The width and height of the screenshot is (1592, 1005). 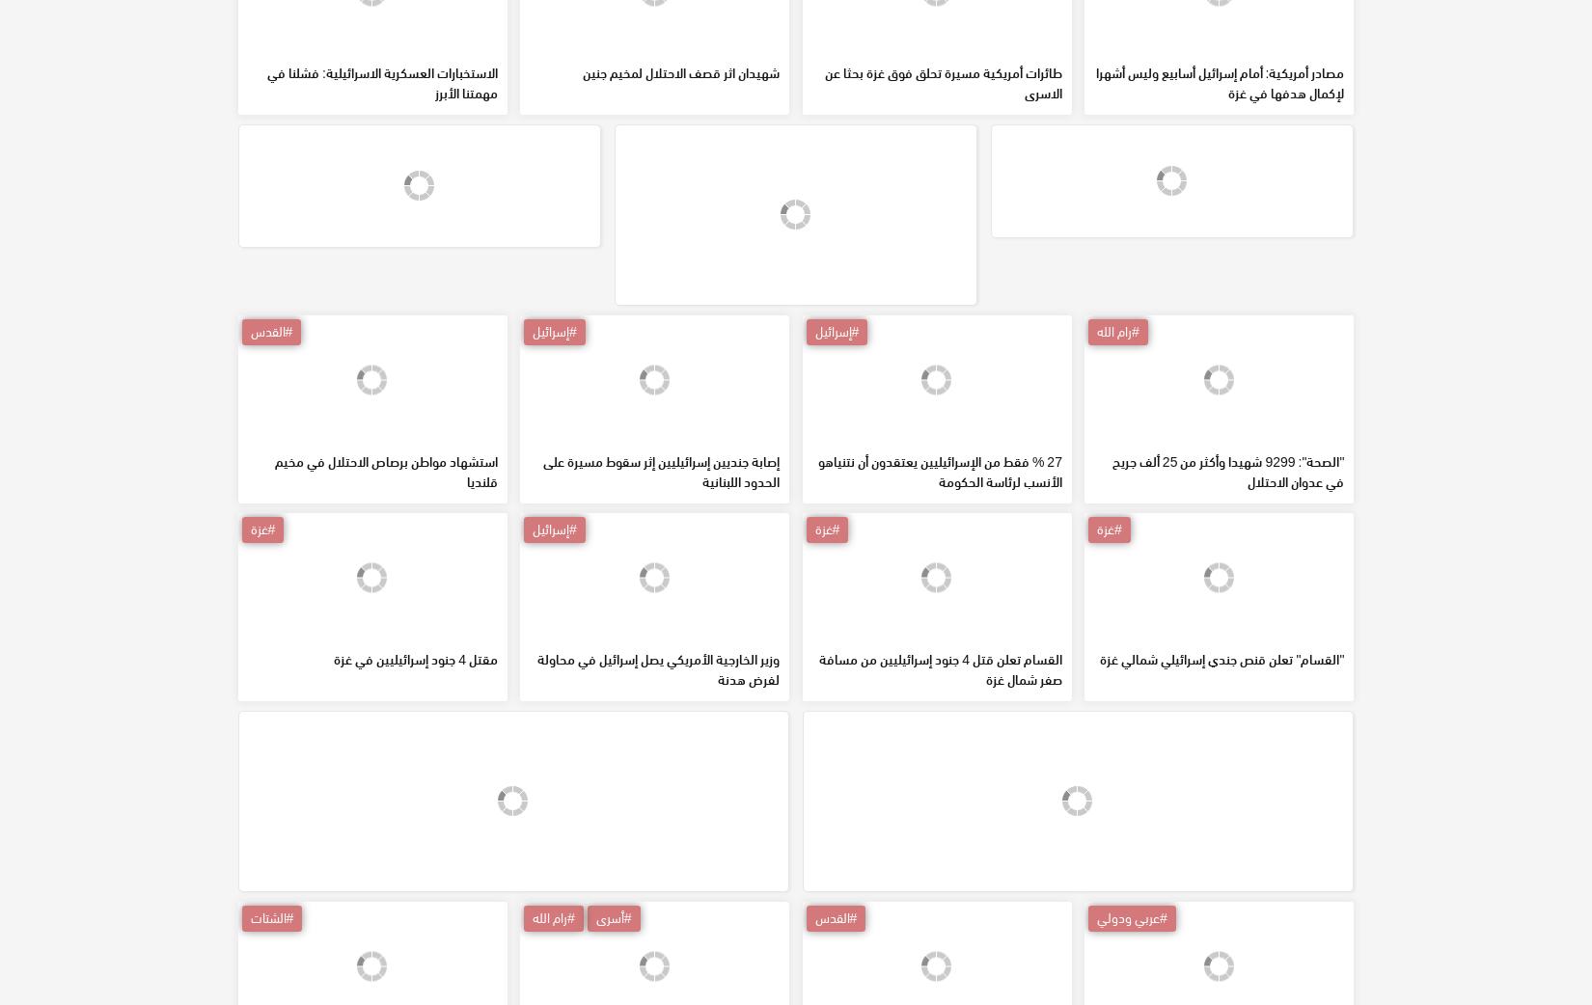 I want to click on '10 شهداء بقصف إسرائيلي لمجموعة من عمال القبور في مقبرة بيت لاهيا', so click(x=824, y=23).